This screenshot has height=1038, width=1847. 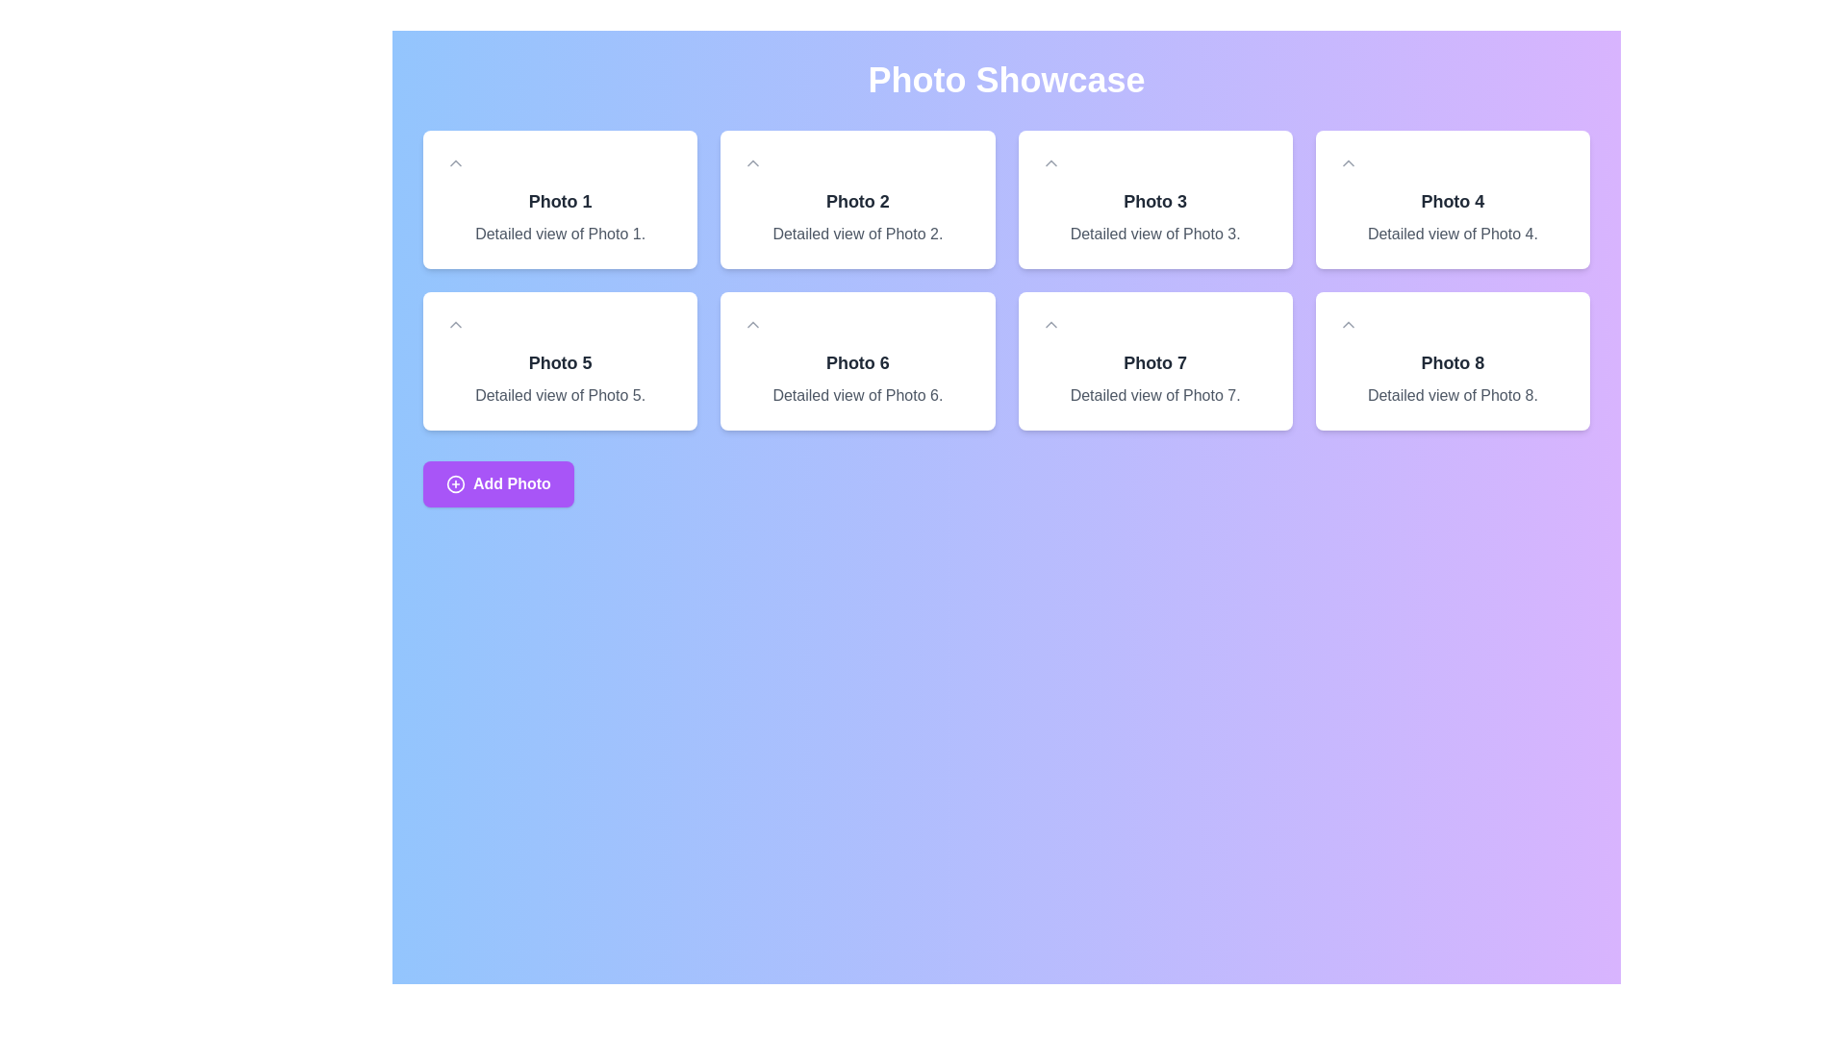 I want to click on the chevron indicator located at the top-left corner inside the card labeled 'Photo 3', so click(x=1050, y=161).